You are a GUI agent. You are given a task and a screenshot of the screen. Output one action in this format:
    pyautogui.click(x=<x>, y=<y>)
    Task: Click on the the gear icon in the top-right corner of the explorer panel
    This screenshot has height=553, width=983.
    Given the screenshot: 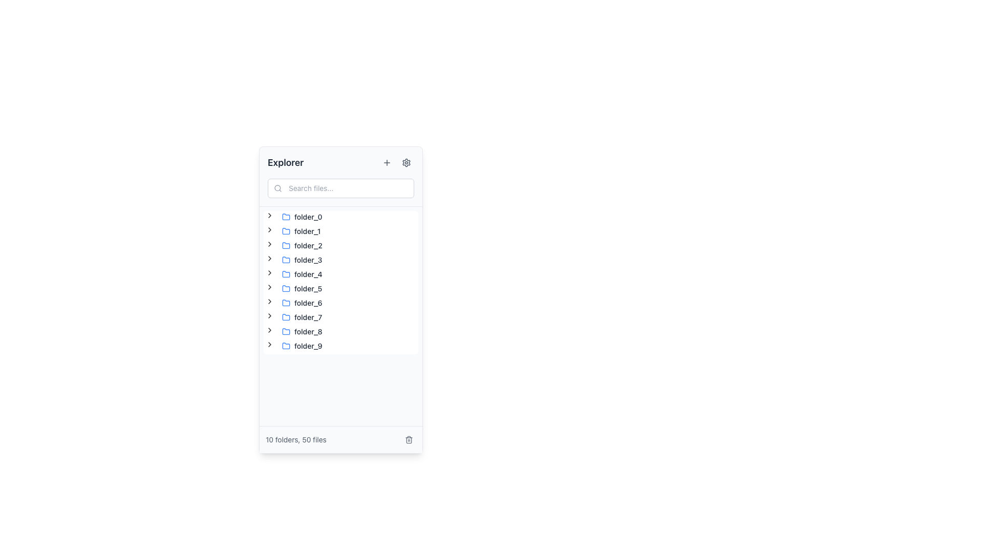 What is the action you would take?
    pyautogui.click(x=405, y=162)
    